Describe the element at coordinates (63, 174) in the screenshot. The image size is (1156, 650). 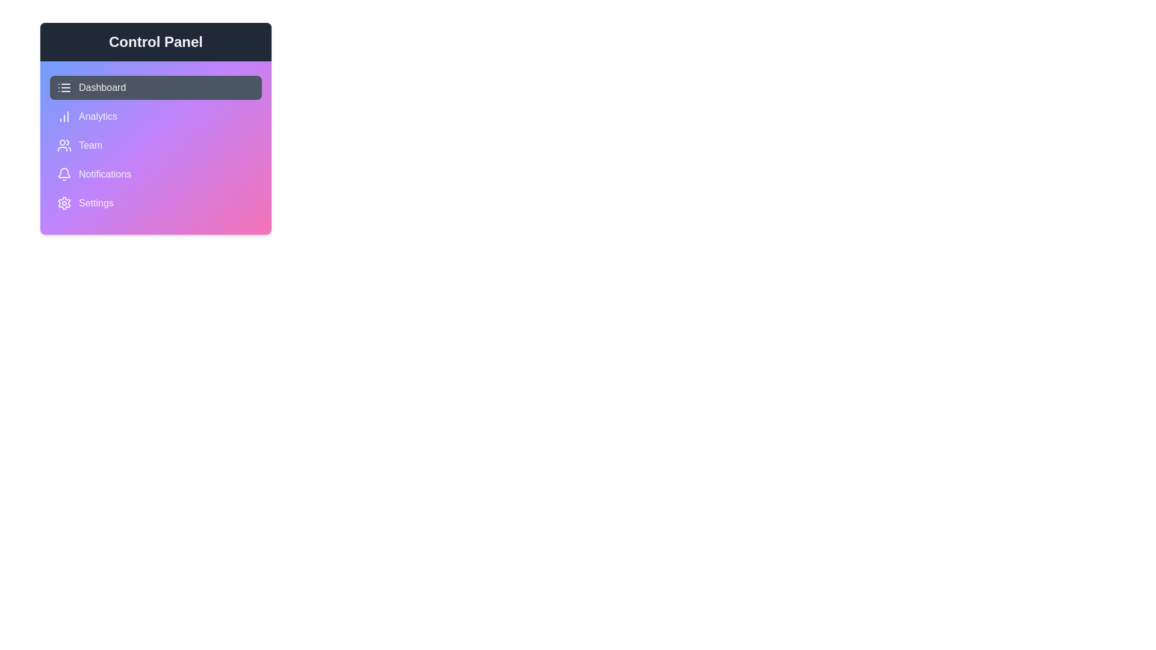
I see `the 'Notifications' icon` at that location.